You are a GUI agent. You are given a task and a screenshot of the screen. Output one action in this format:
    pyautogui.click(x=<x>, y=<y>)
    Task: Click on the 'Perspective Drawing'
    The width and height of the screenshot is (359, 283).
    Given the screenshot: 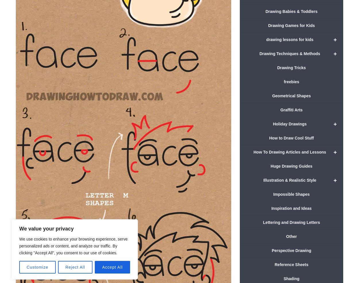 What is the action you would take?
    pyautogui.click(x=291, y=250)
    